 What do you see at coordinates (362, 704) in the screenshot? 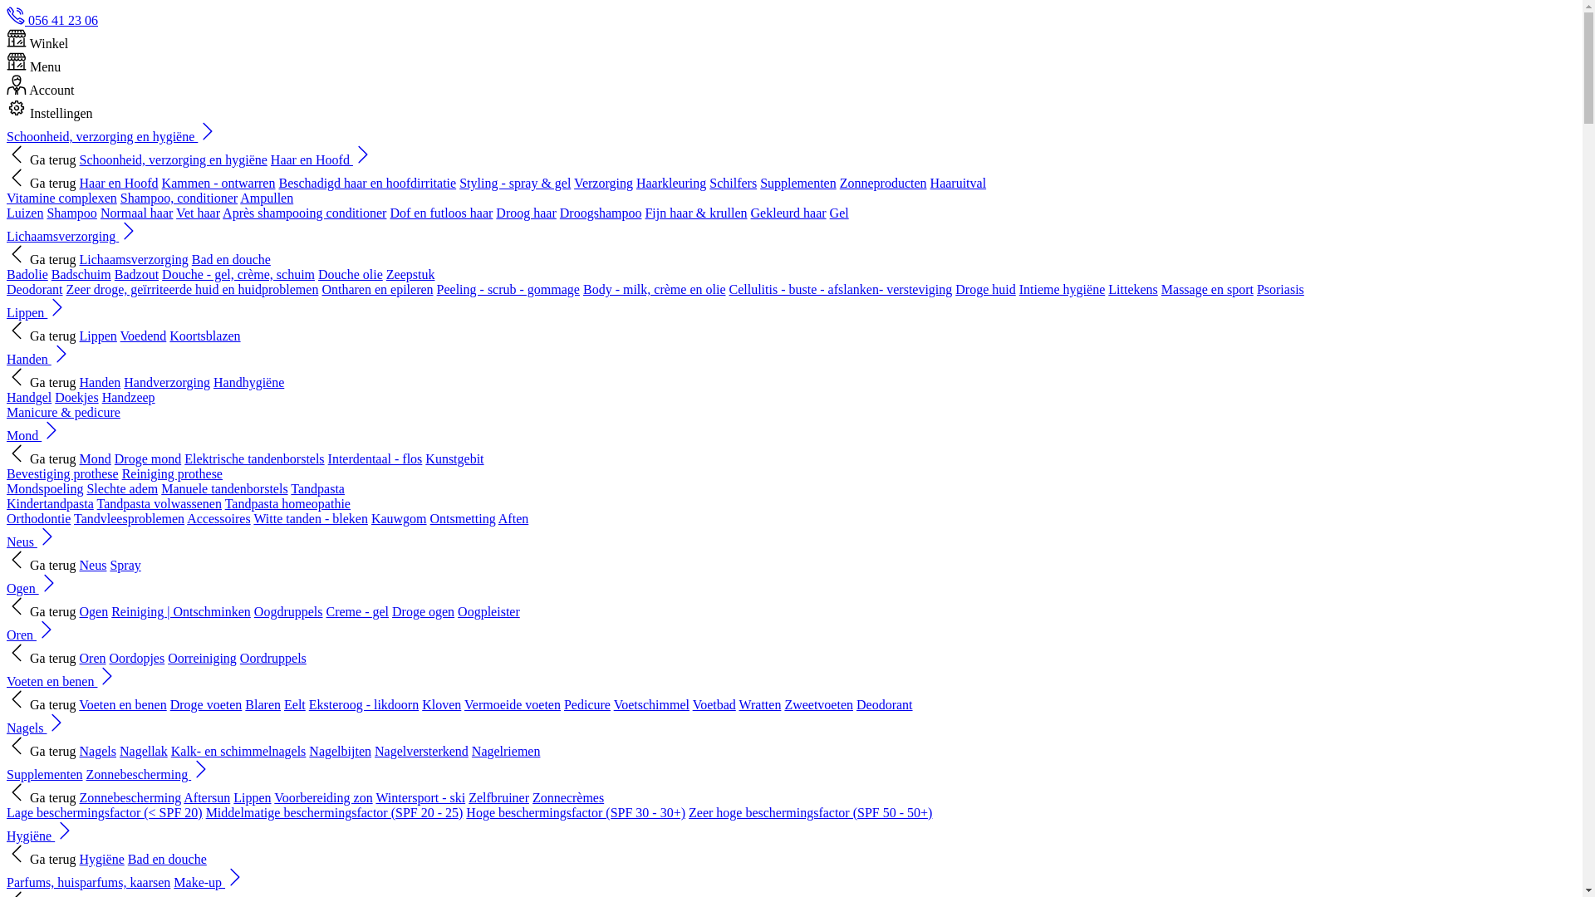
I see `'Eksteroog - likdoorn'` at bounding box center [362, 704].